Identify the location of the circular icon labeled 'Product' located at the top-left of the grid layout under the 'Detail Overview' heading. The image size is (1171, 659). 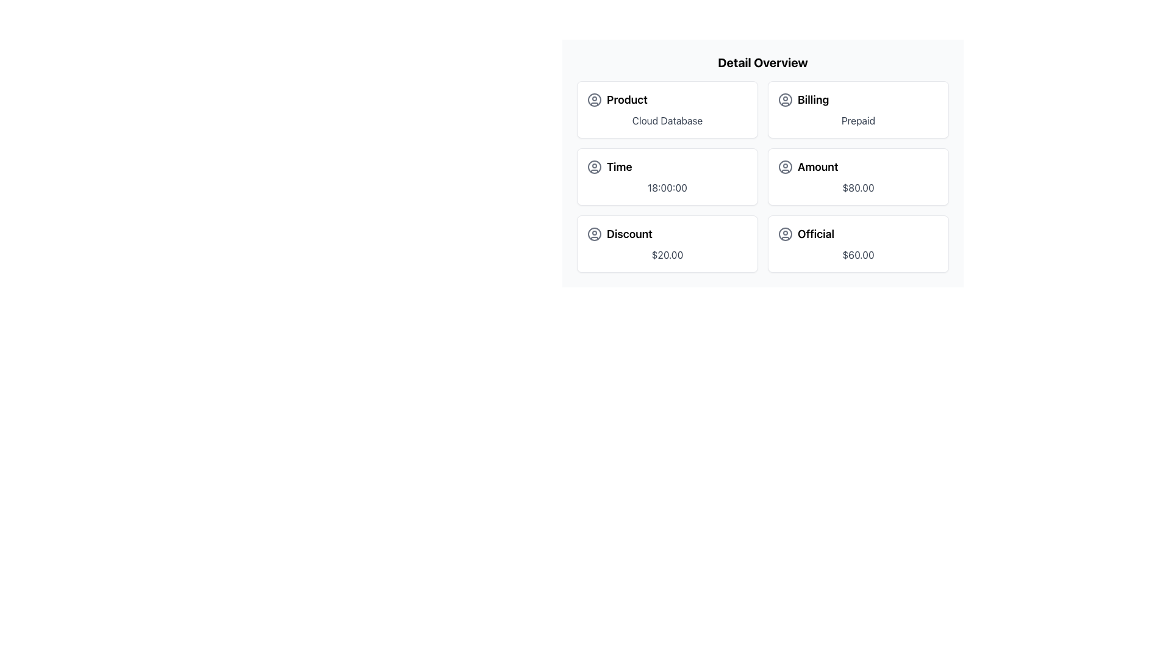
(594, 99).